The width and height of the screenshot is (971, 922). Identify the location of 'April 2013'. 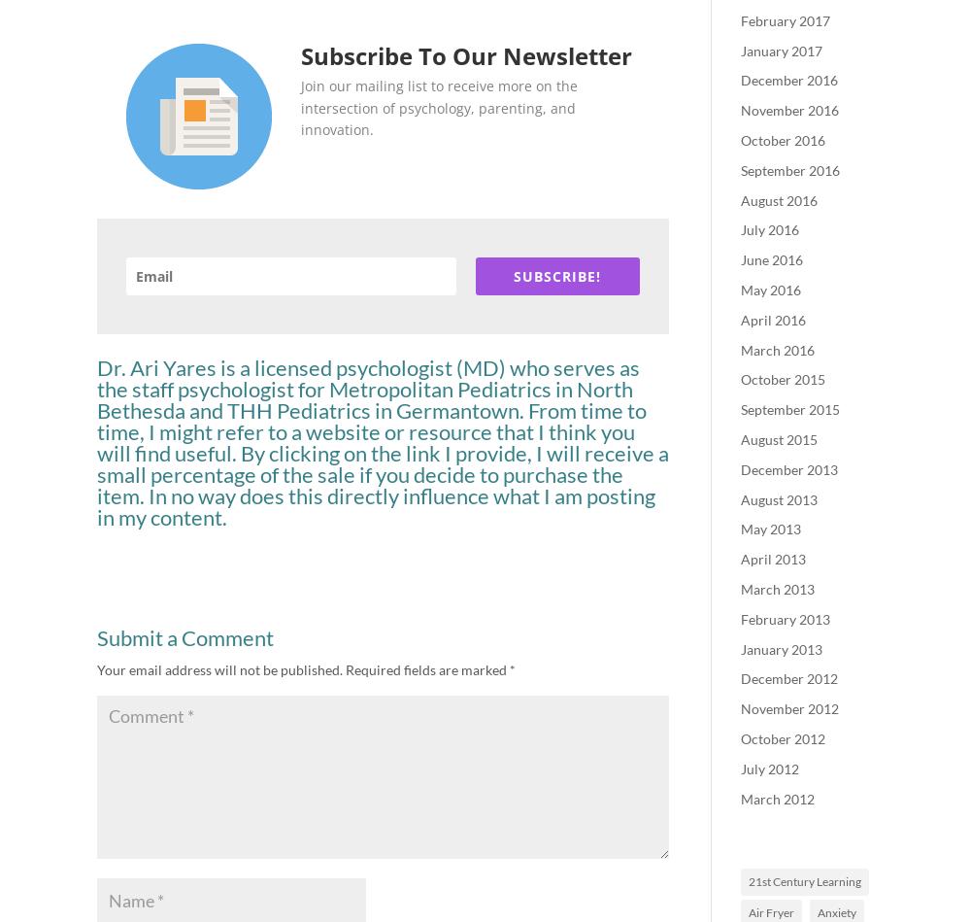
(773, 558).